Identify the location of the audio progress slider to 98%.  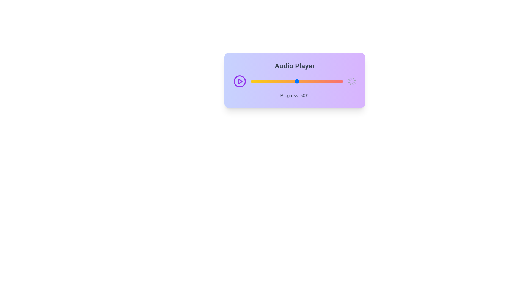
(341, 81).